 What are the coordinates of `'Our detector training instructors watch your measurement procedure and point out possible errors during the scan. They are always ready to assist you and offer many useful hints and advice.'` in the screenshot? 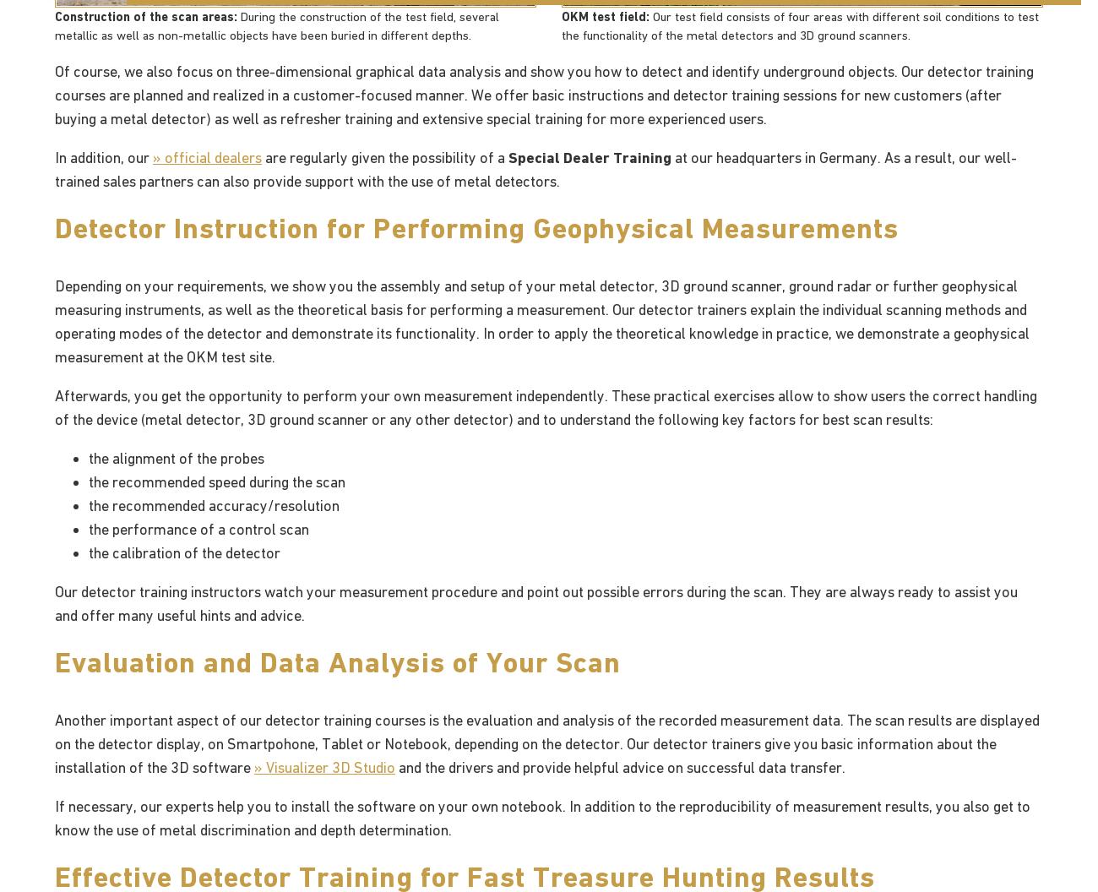 It's located at (536, 602).